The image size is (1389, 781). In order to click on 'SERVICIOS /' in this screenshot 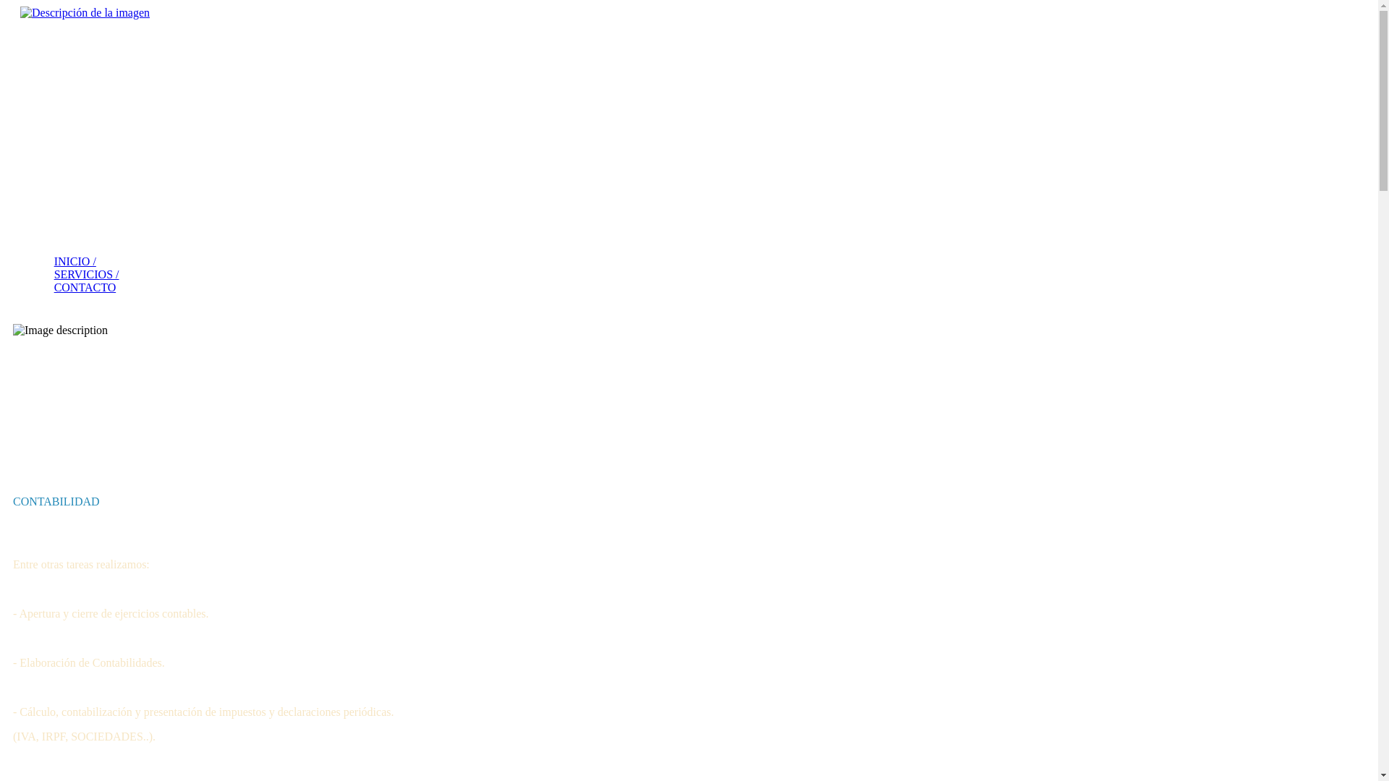, I will do `click(86, 274)`.